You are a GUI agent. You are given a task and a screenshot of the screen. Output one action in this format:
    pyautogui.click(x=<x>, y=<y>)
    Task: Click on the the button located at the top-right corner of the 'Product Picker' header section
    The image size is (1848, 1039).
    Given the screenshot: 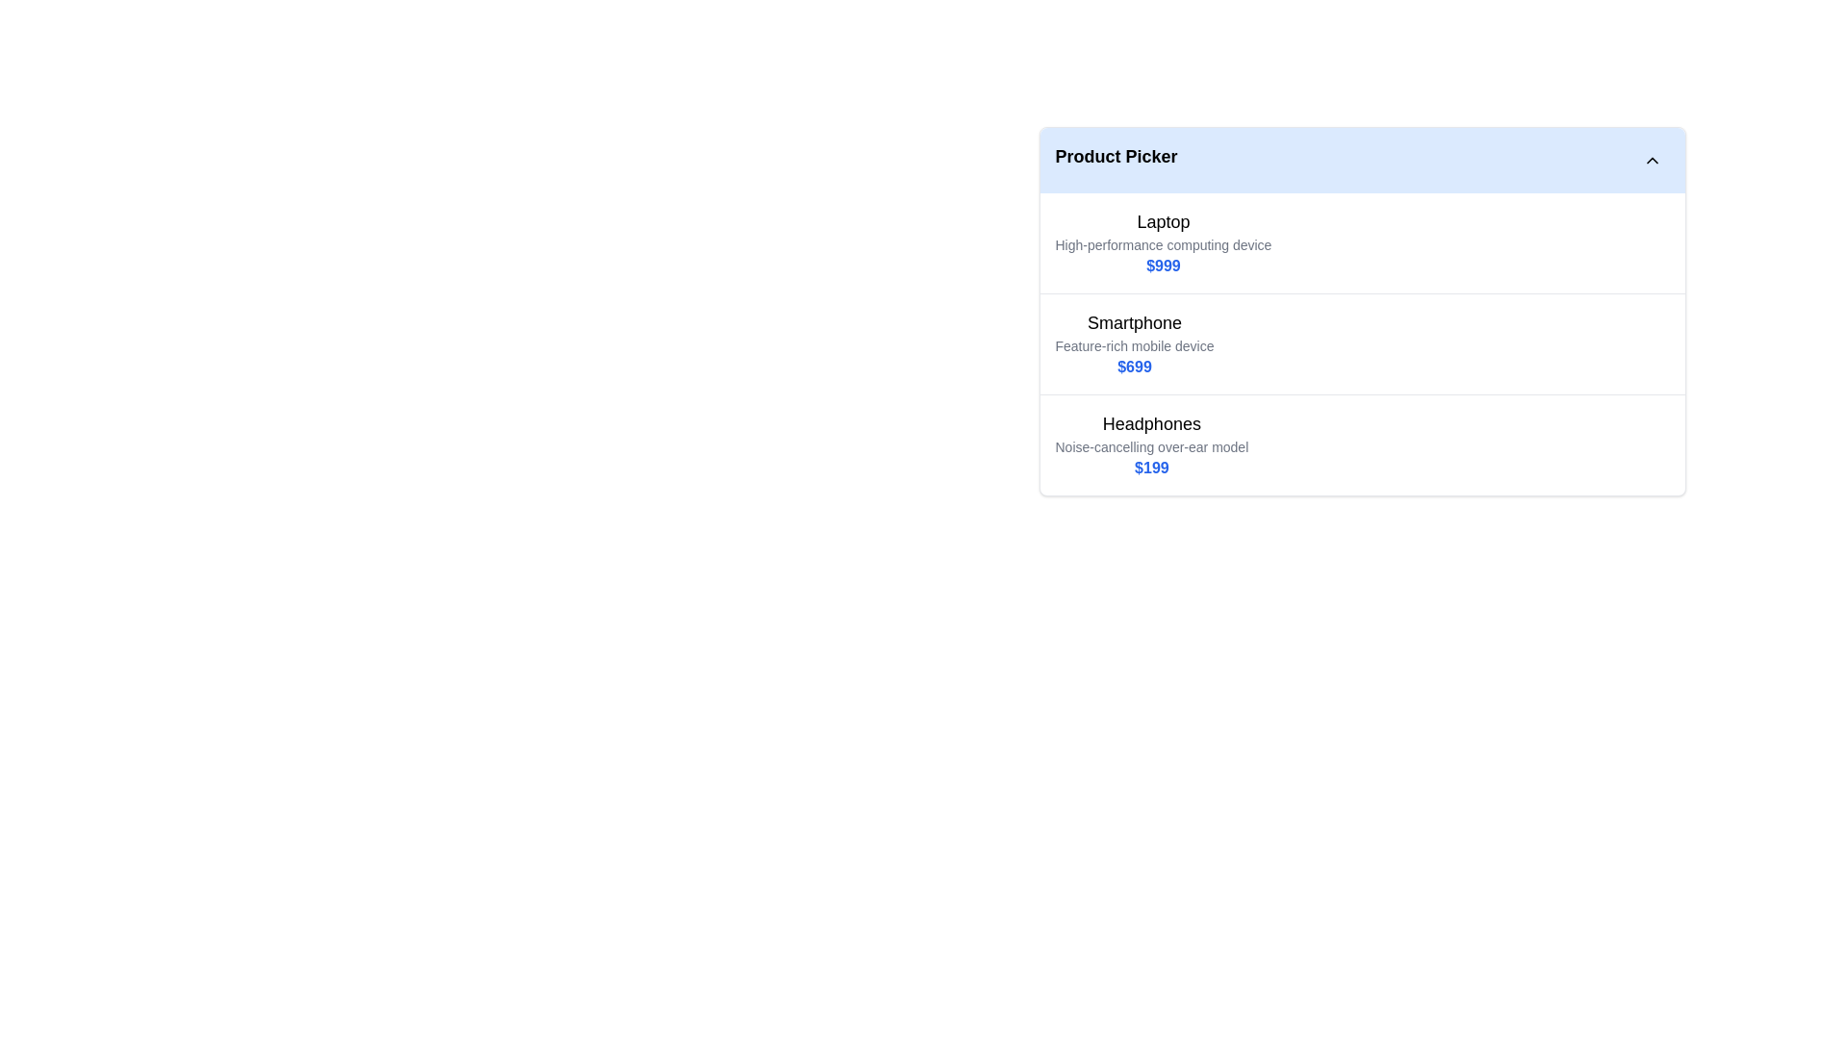 What is the action you would take?
    pyautogui.click(x=1651, y=159)
    